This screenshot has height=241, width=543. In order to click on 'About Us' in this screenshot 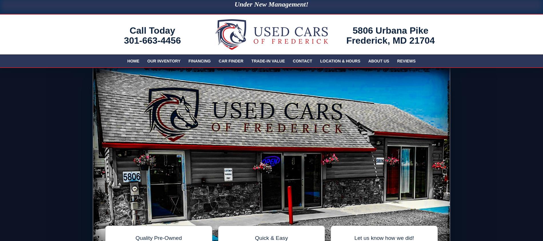, I will do `click(378, 61)`.